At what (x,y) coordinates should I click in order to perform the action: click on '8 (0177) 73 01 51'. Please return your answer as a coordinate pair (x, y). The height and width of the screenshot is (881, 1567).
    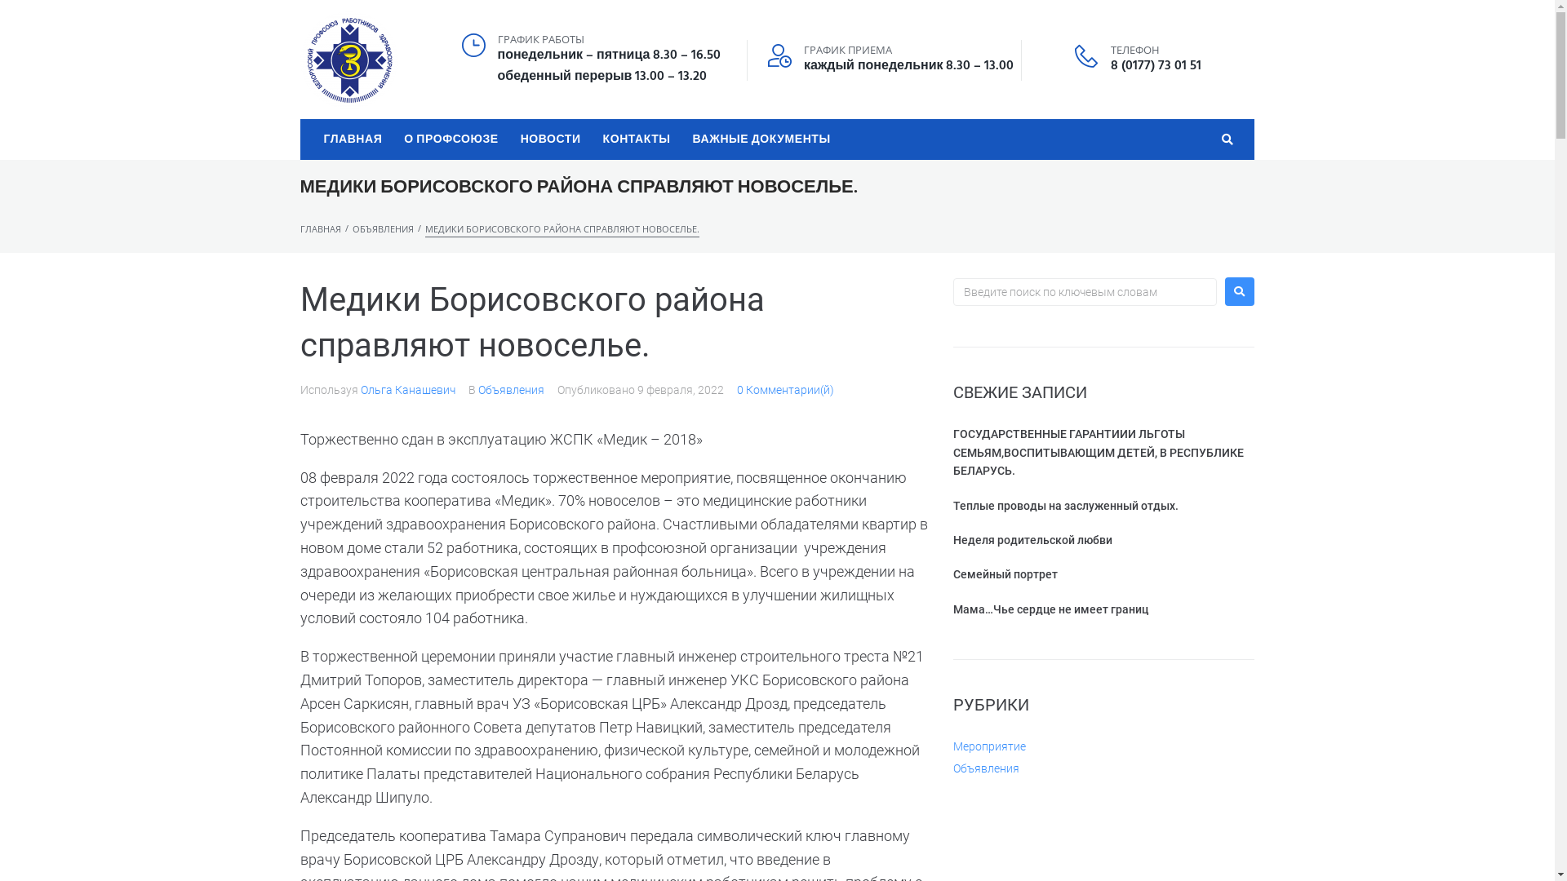
    Looking at the image, I should click on (1155, 65).